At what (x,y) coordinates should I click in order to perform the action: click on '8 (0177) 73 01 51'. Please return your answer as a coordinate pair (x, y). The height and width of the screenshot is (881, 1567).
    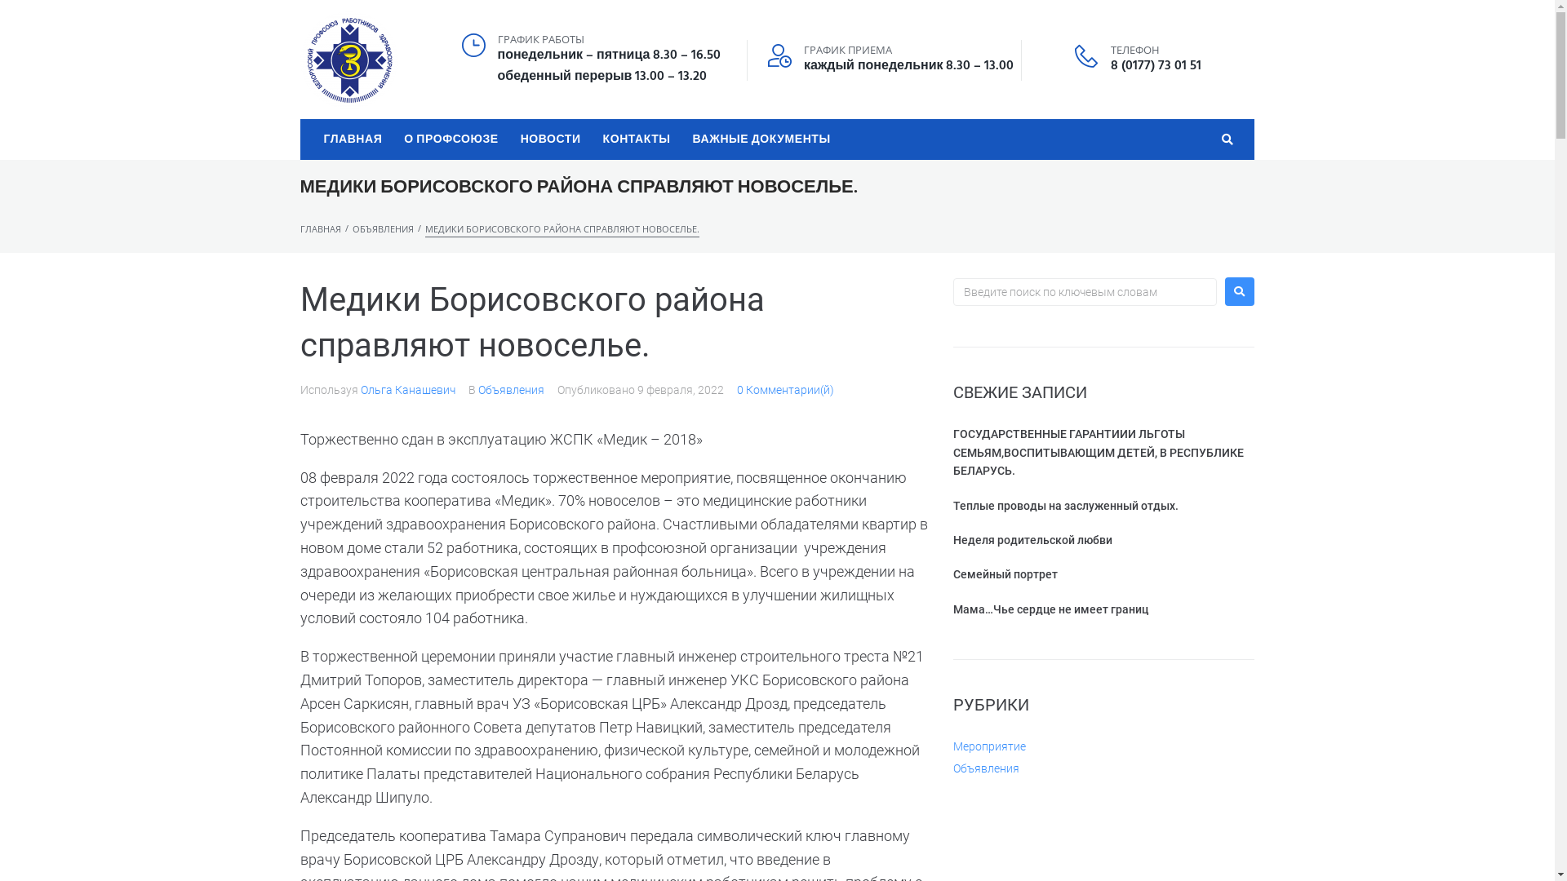
    Looking at the image, I should click on (1155, 65).